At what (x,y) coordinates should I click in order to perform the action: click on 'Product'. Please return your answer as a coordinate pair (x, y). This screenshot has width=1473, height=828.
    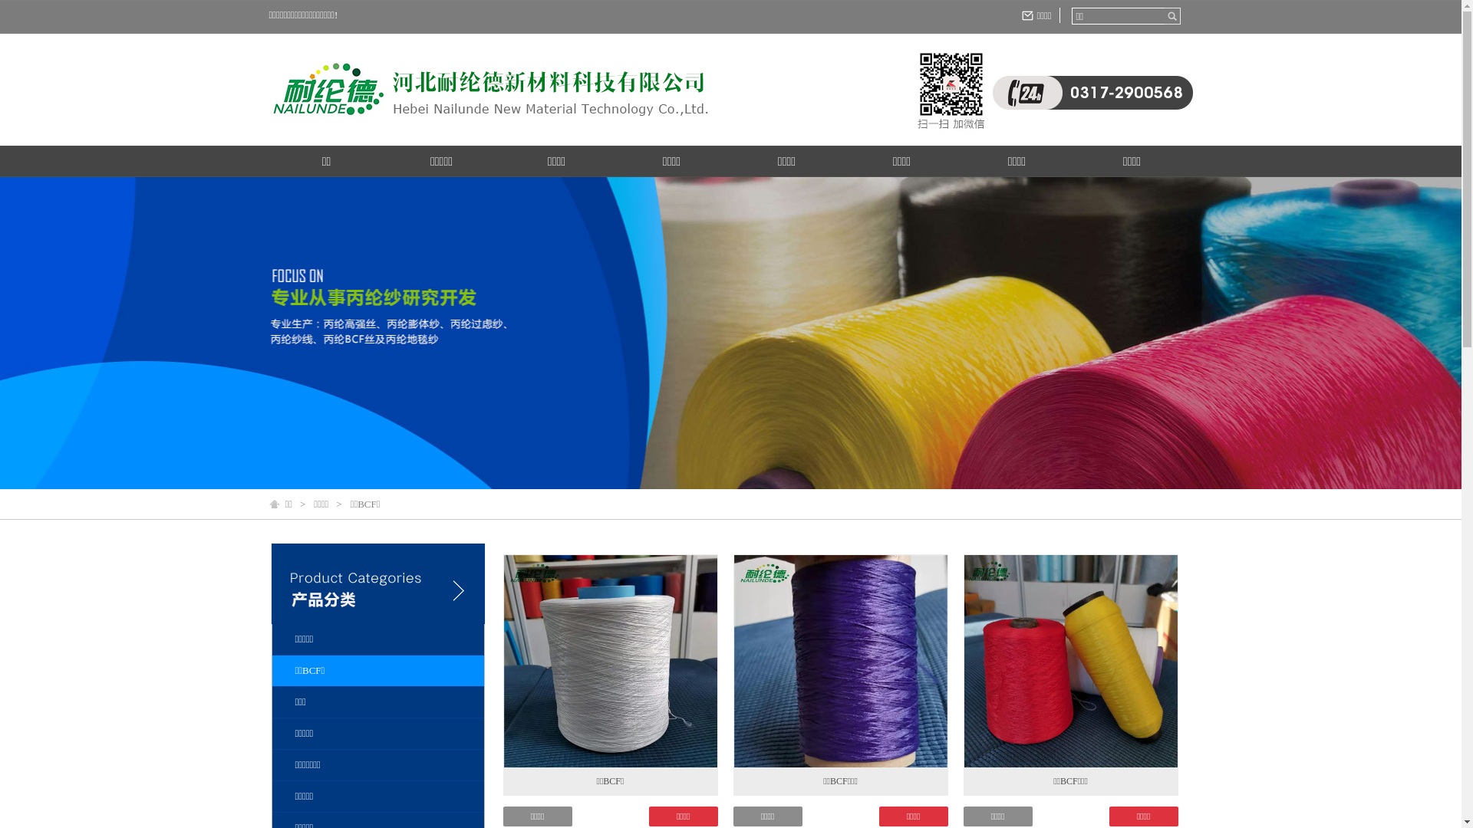
    Looking at the image, I should click on (378, 613).